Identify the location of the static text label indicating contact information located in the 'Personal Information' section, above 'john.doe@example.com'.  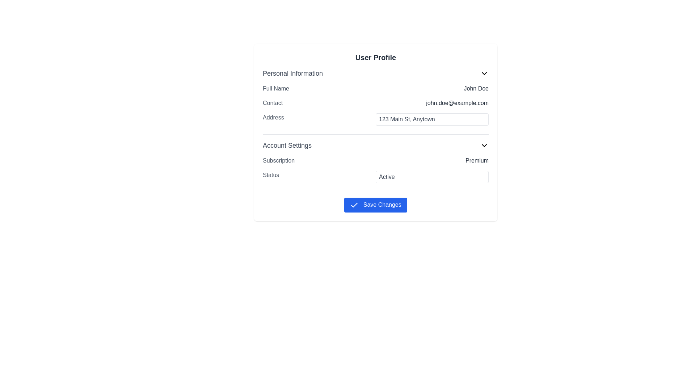
(272, 103).